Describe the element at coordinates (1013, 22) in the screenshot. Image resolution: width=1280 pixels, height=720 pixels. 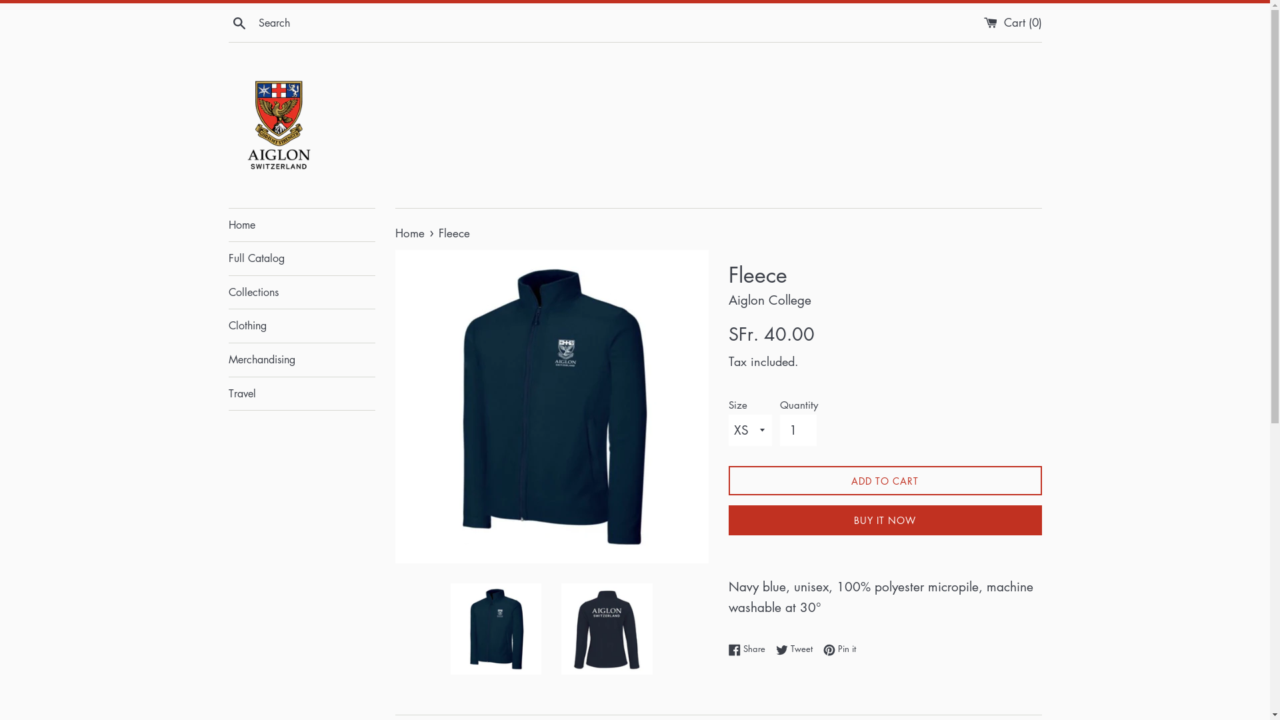
I see `'Cart (0)'` at that location.